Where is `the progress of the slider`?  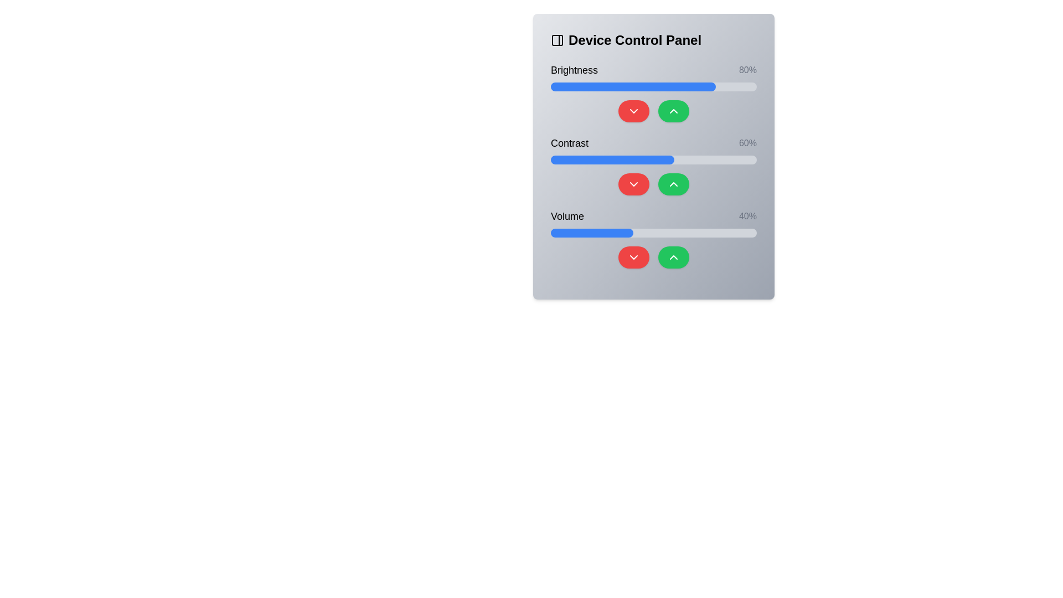 the progress of the slider is located at coordinates (684, 232).